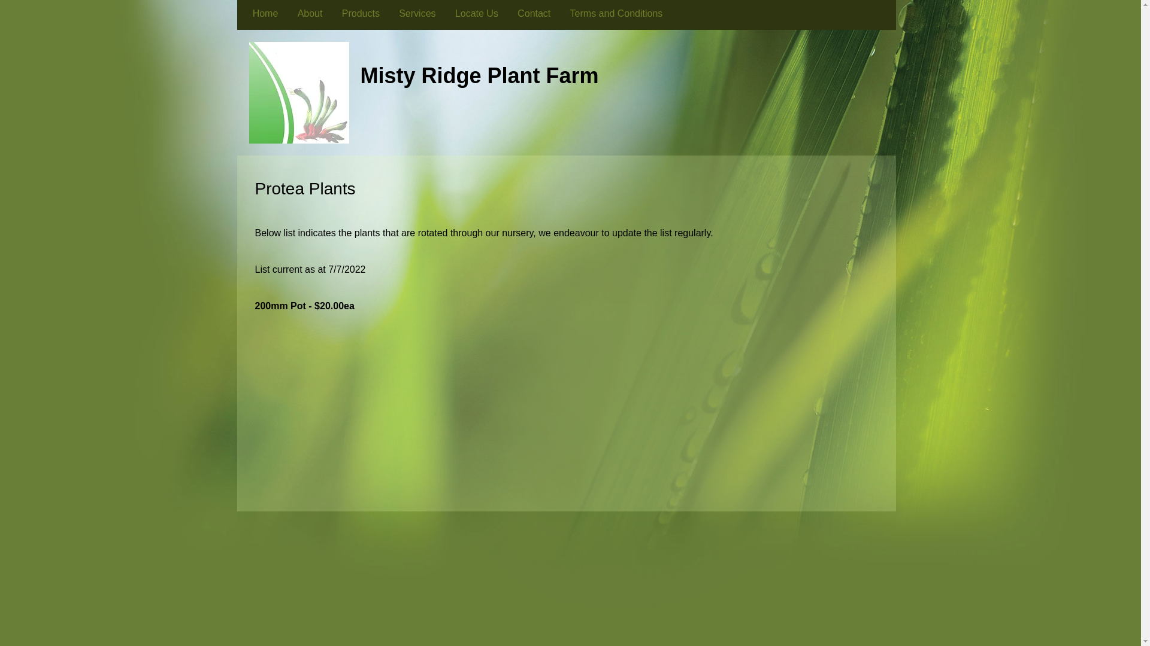 The height and width of the screenshot is (646, 1150). What do you see at coordinates (310, 14) in the screenshot?
I see `'About'` at bounding box center [310, 14].